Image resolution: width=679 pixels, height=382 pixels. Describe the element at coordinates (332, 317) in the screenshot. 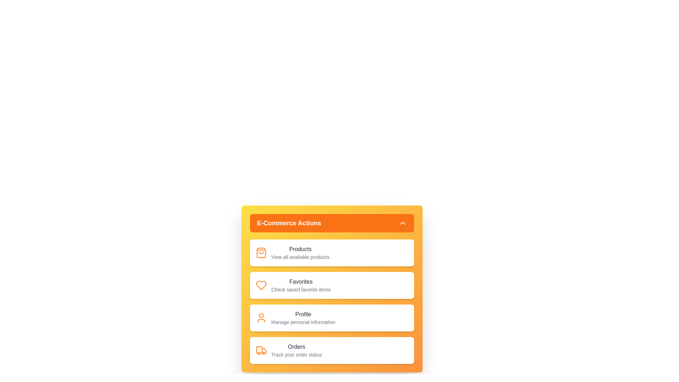

I see `the menu item Profile to reveal its details` at that location.